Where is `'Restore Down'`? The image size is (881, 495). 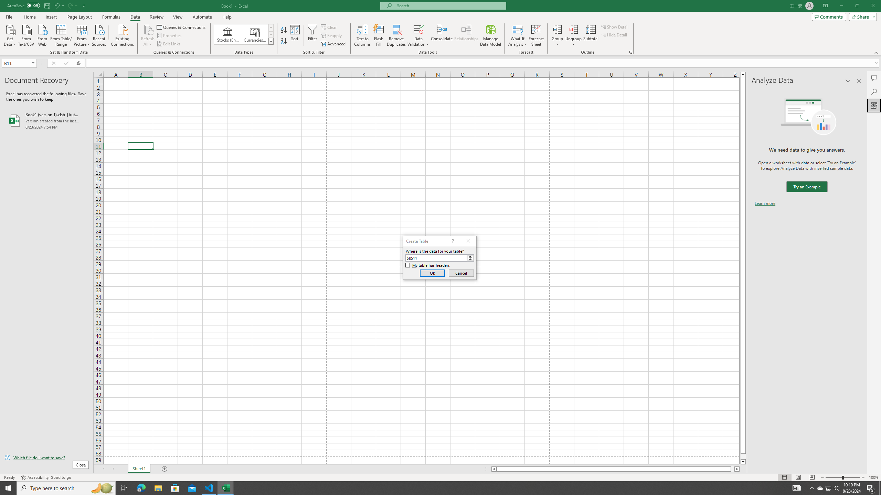 'Restore Down' is located at coordinates (857, 5).